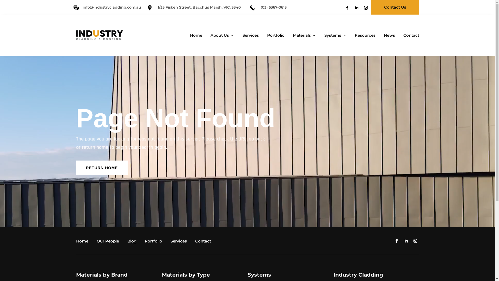 Image resolution: width=499 pixels, height=281 pixels. What do you see at coordinates (83, 242) in the screenshot?
I see `'Home'` at bounding box center [83, 242].